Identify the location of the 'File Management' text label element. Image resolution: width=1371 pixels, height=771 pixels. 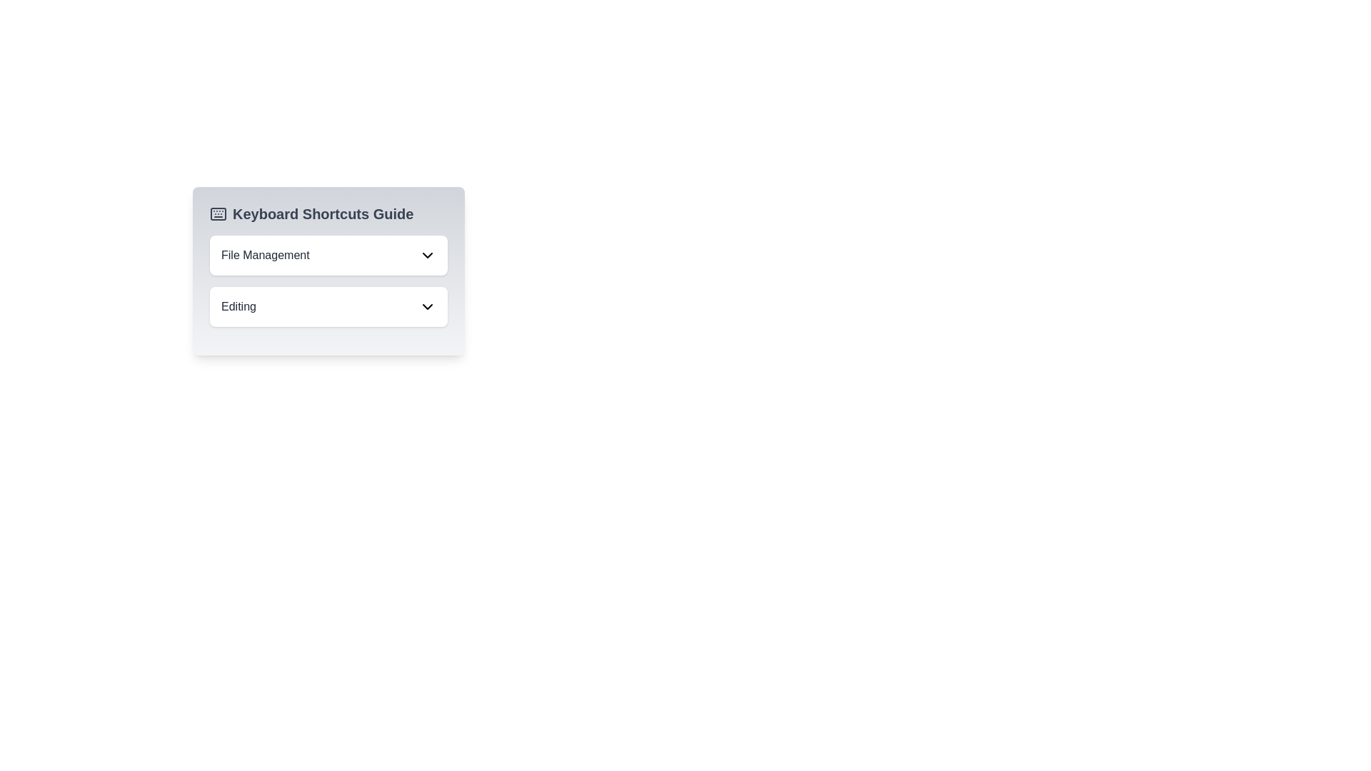
(265, 255).